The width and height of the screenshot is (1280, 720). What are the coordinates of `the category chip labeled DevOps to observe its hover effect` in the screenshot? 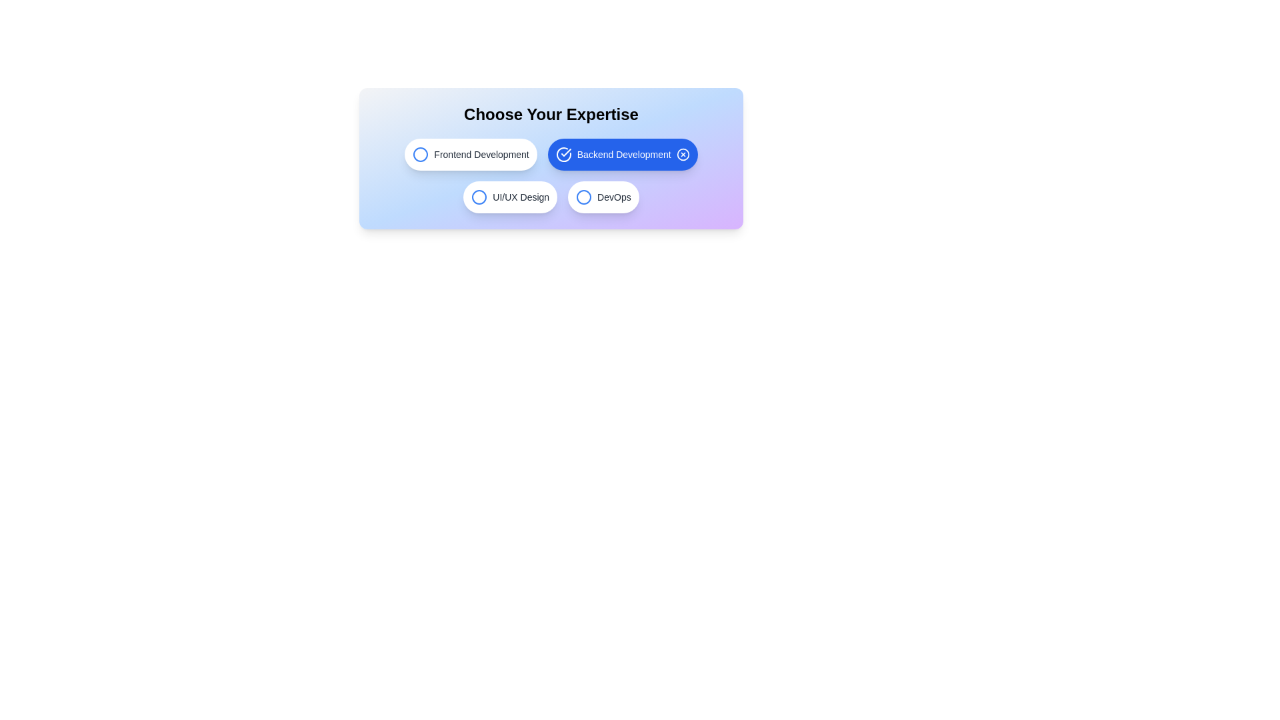 It's located at (603, 197).